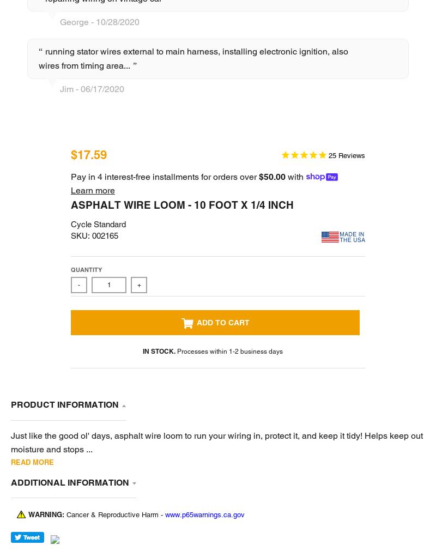 Image resolution: width=436 pixels, height=551 pixels. What do you see at coordinates (189, 264) in the screenshot?
I see `'<'` at bounding box center [189, 264].